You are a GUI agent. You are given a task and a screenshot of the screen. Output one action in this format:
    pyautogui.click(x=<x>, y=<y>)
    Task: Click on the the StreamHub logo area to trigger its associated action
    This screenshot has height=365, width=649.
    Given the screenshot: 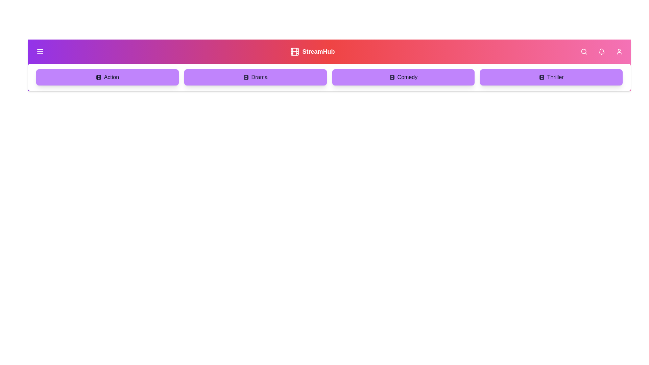 What is the action you would take?
    pyautogui.click(x=312, y=51)
    